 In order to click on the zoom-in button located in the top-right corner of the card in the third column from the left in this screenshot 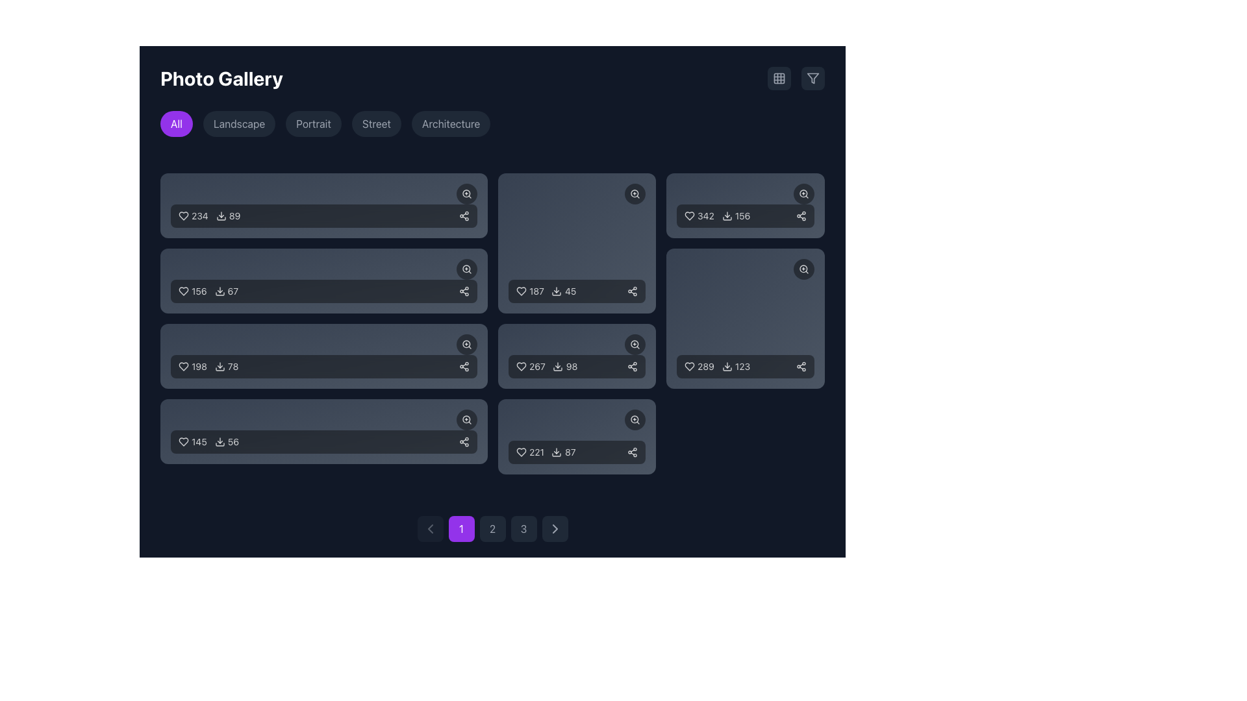, I will do `click(746, 194)`.